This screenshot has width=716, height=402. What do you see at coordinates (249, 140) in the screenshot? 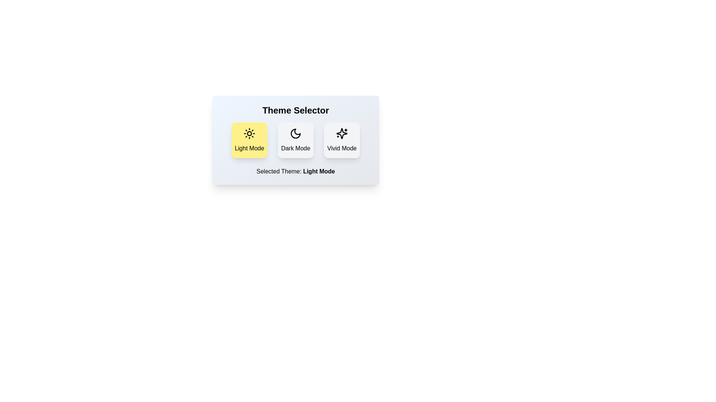
I see `the theme by clicking on the corresponding button: Light Mode` at bounding box center [249, 140].